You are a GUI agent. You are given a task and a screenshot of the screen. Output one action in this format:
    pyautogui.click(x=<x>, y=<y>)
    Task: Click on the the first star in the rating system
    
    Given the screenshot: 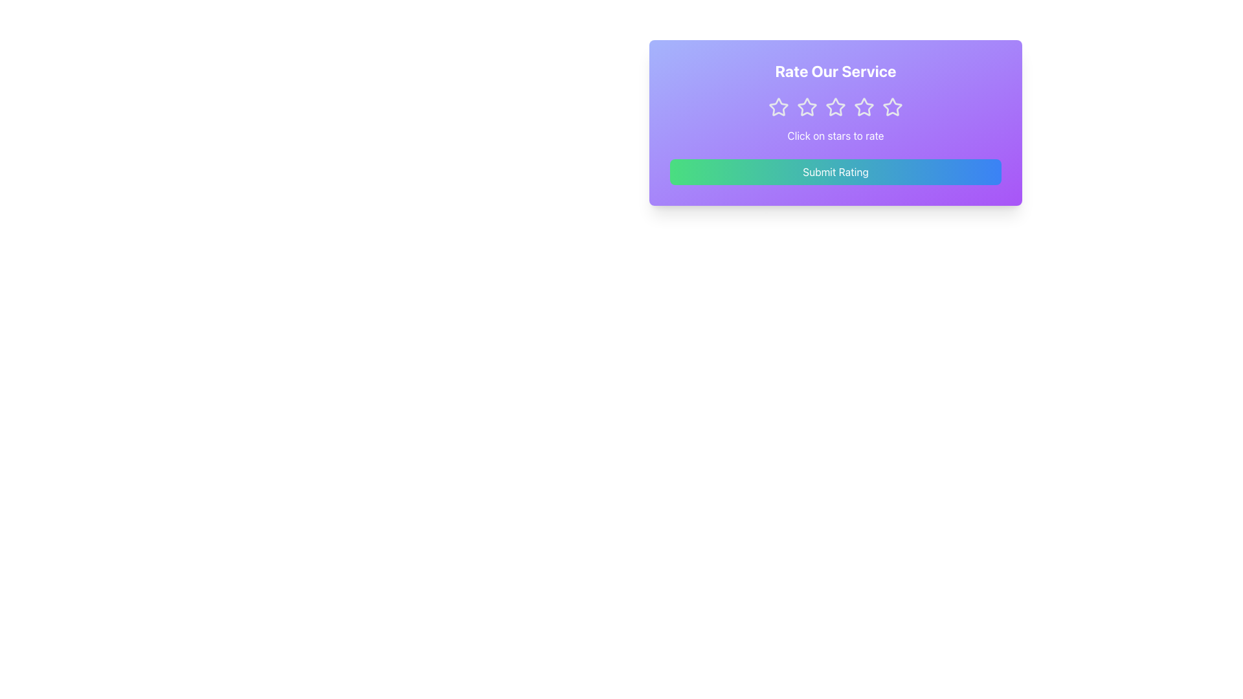 What is the action you would take?
    pyautogui.click(x=778, y=106)
    